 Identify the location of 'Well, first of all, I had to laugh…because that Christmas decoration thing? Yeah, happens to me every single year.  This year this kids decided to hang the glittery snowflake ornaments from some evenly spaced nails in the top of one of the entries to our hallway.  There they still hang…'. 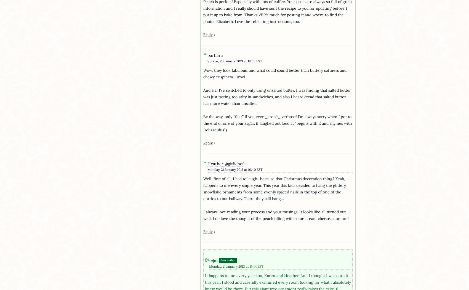
(274, 188).